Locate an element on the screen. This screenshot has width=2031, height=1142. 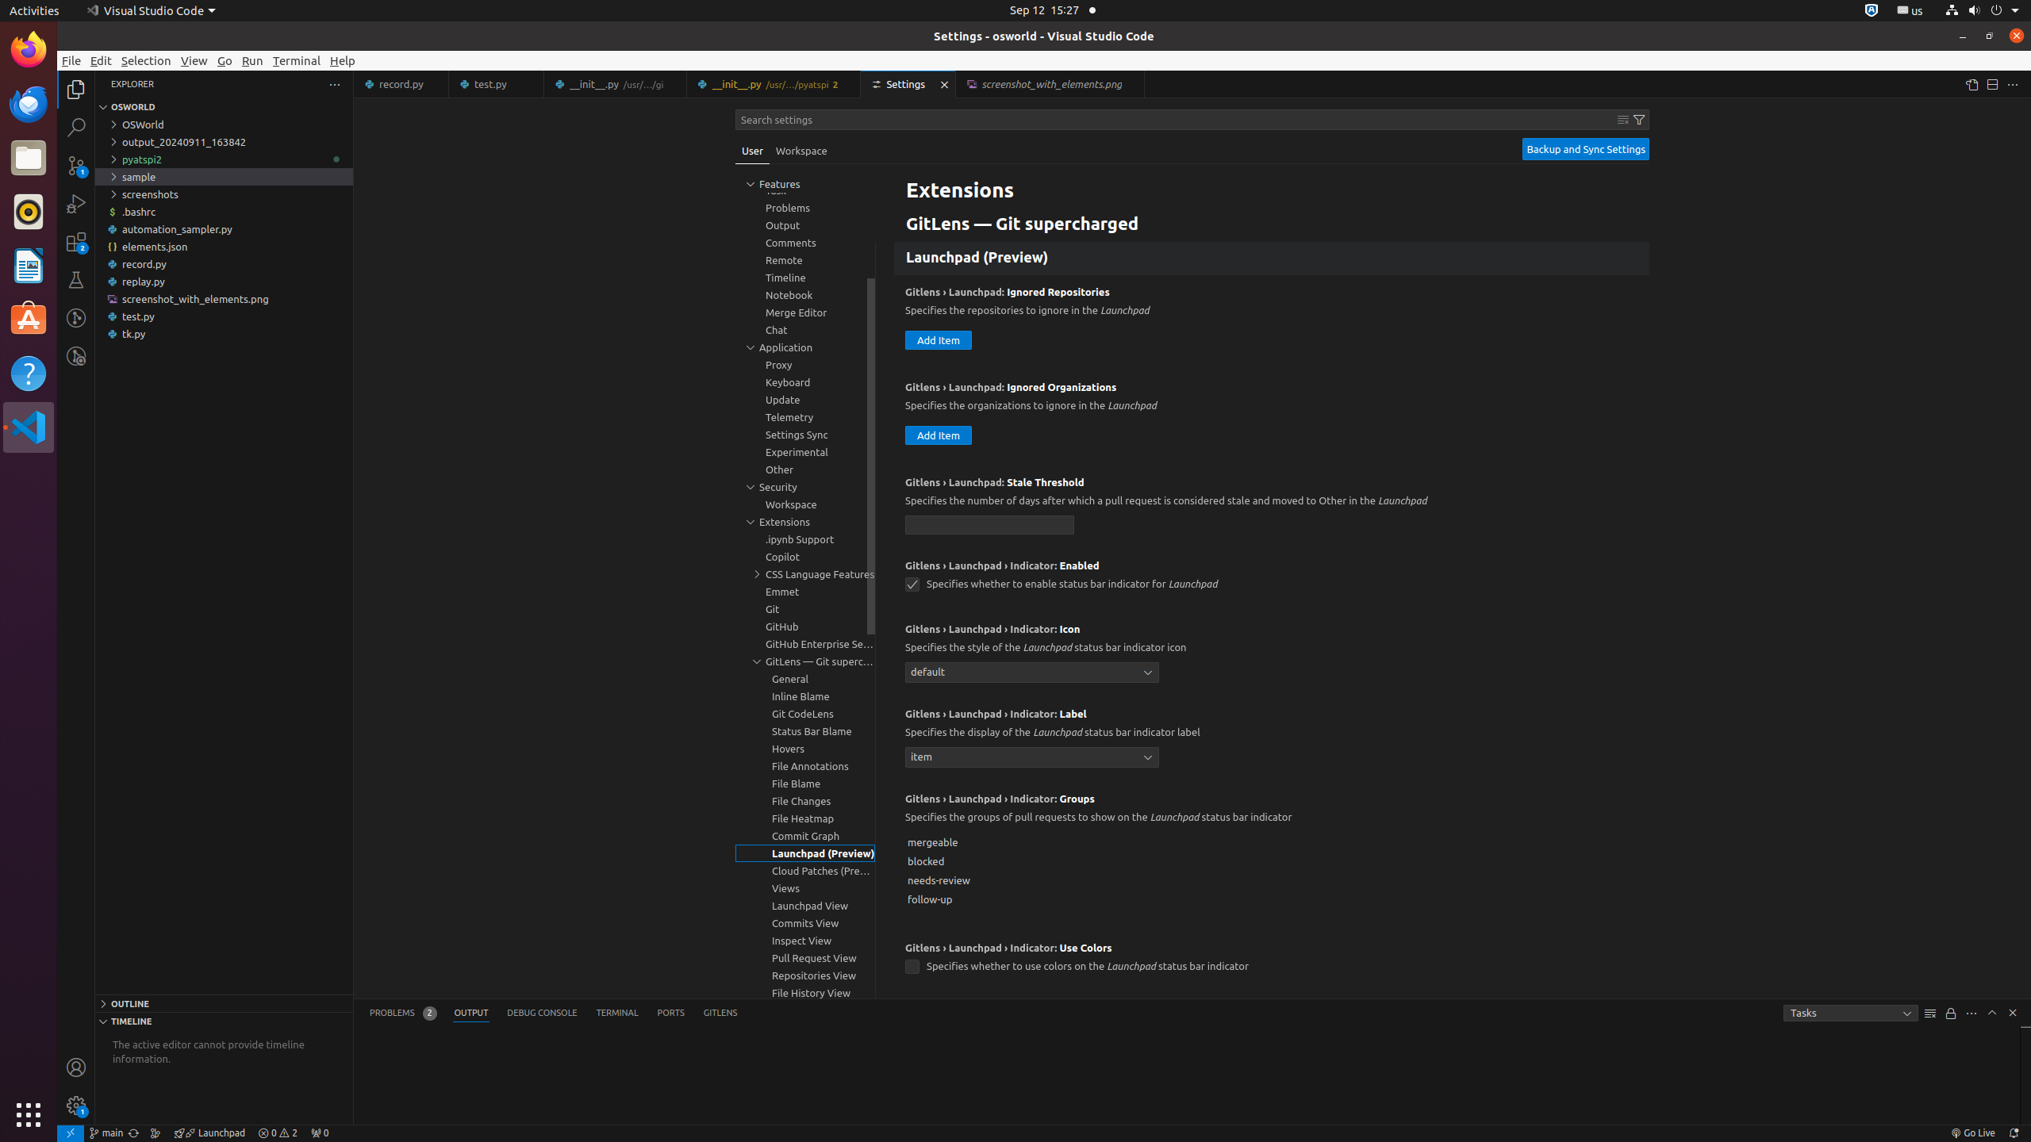
'Settings' is located at coordinates (908, 84).